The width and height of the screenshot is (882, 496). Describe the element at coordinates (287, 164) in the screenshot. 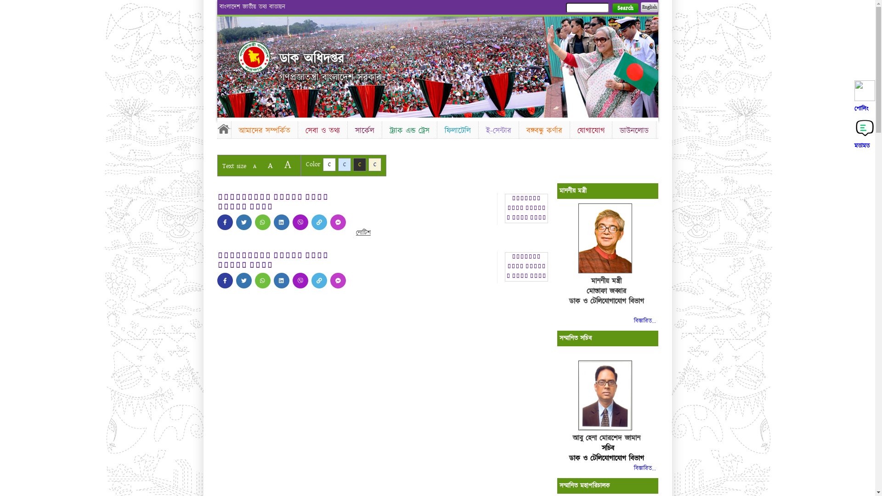

I see `'A'` at that location.